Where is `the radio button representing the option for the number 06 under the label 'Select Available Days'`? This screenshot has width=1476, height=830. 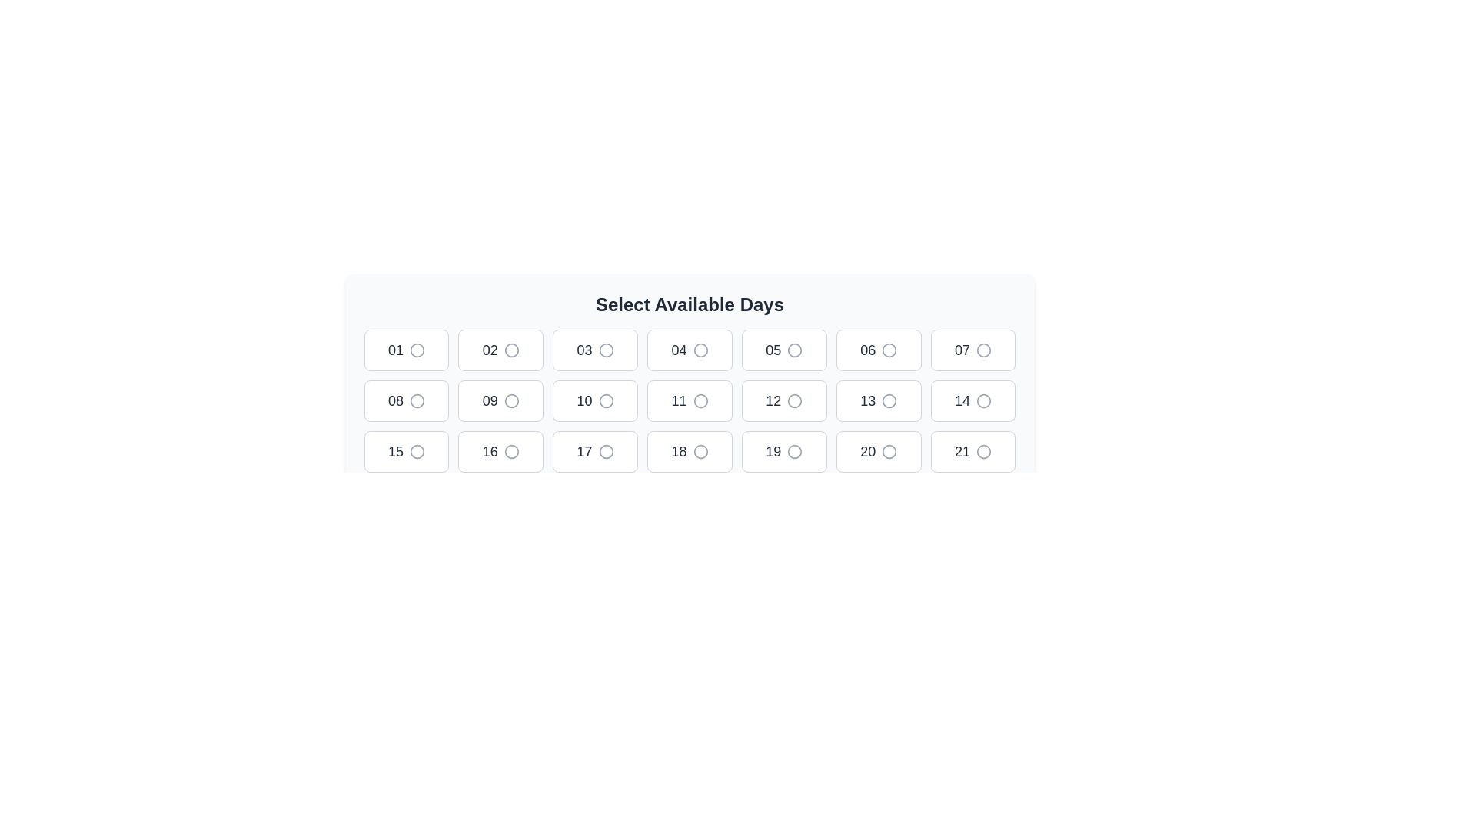 the radio button representing the option for the number 06 under the label 'Select Available Days' is located at coordinates (889, 350).